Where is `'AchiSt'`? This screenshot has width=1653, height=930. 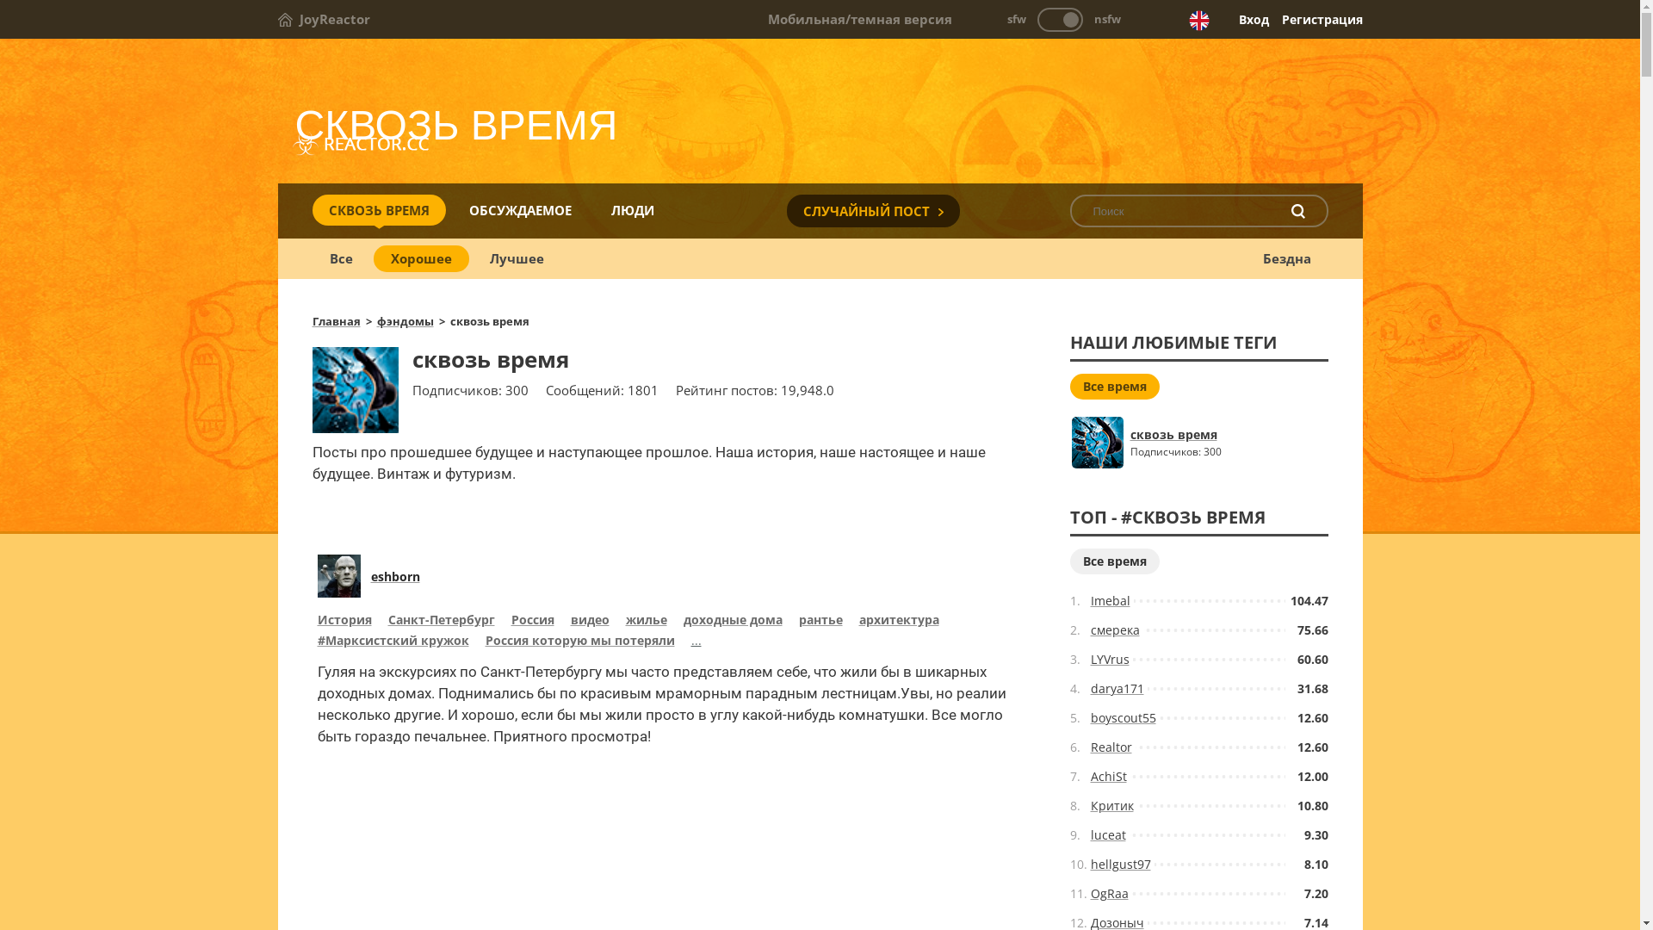 'AchiSt' is located at coordinates (1086, 777).